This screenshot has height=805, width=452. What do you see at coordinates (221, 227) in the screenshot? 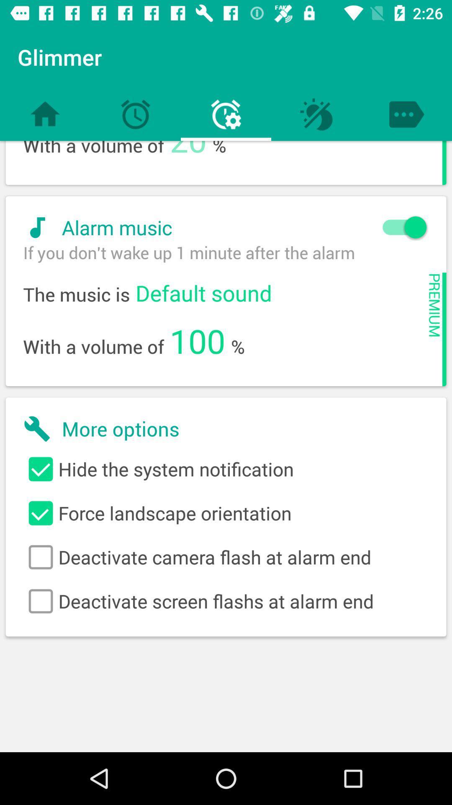
I see `alarm music` at bounding box center [221, 227].